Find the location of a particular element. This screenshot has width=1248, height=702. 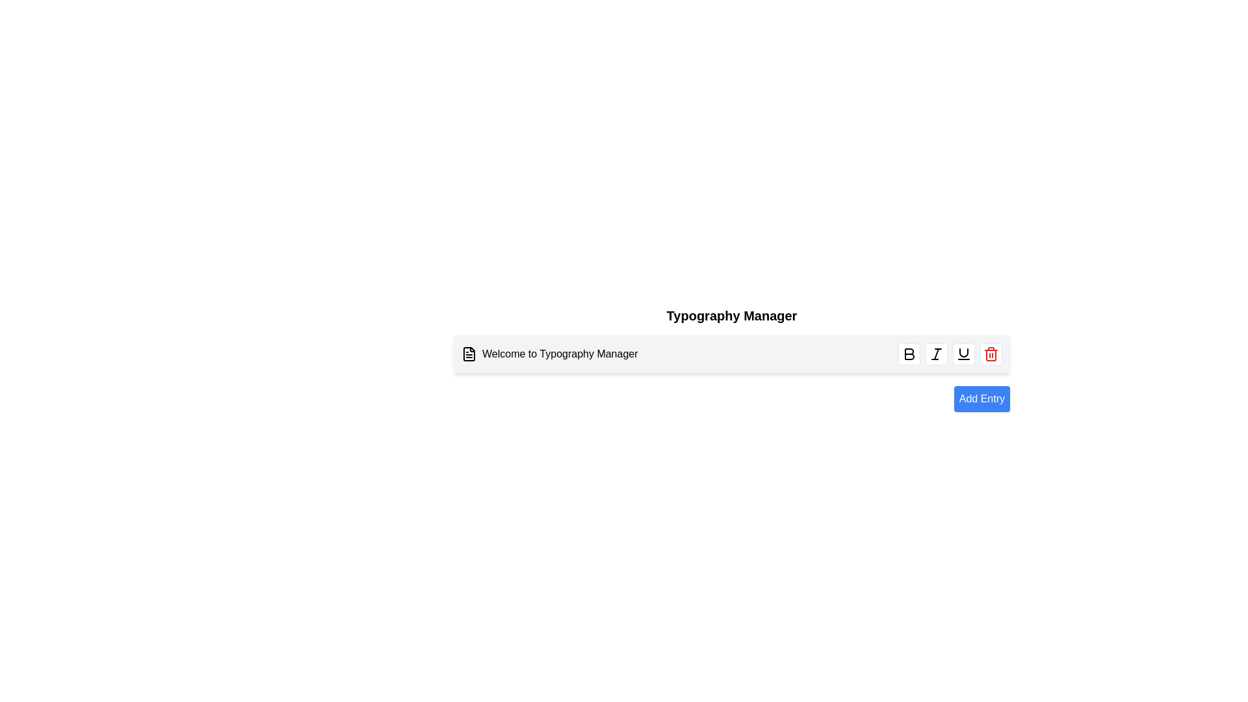

the fourth button in the toolbar that toggles the underline text formatting for selected text is located at coordinates (964, 354).